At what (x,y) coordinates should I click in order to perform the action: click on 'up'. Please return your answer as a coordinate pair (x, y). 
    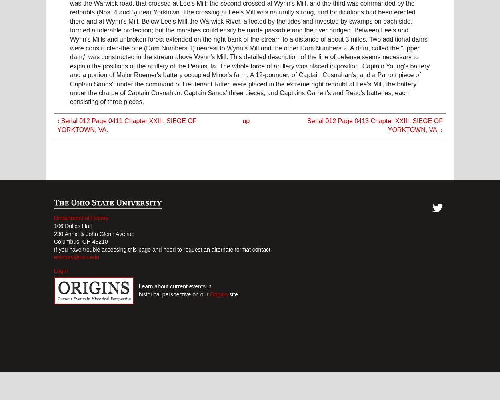
    Looking at the image, I should click on (246, 120).